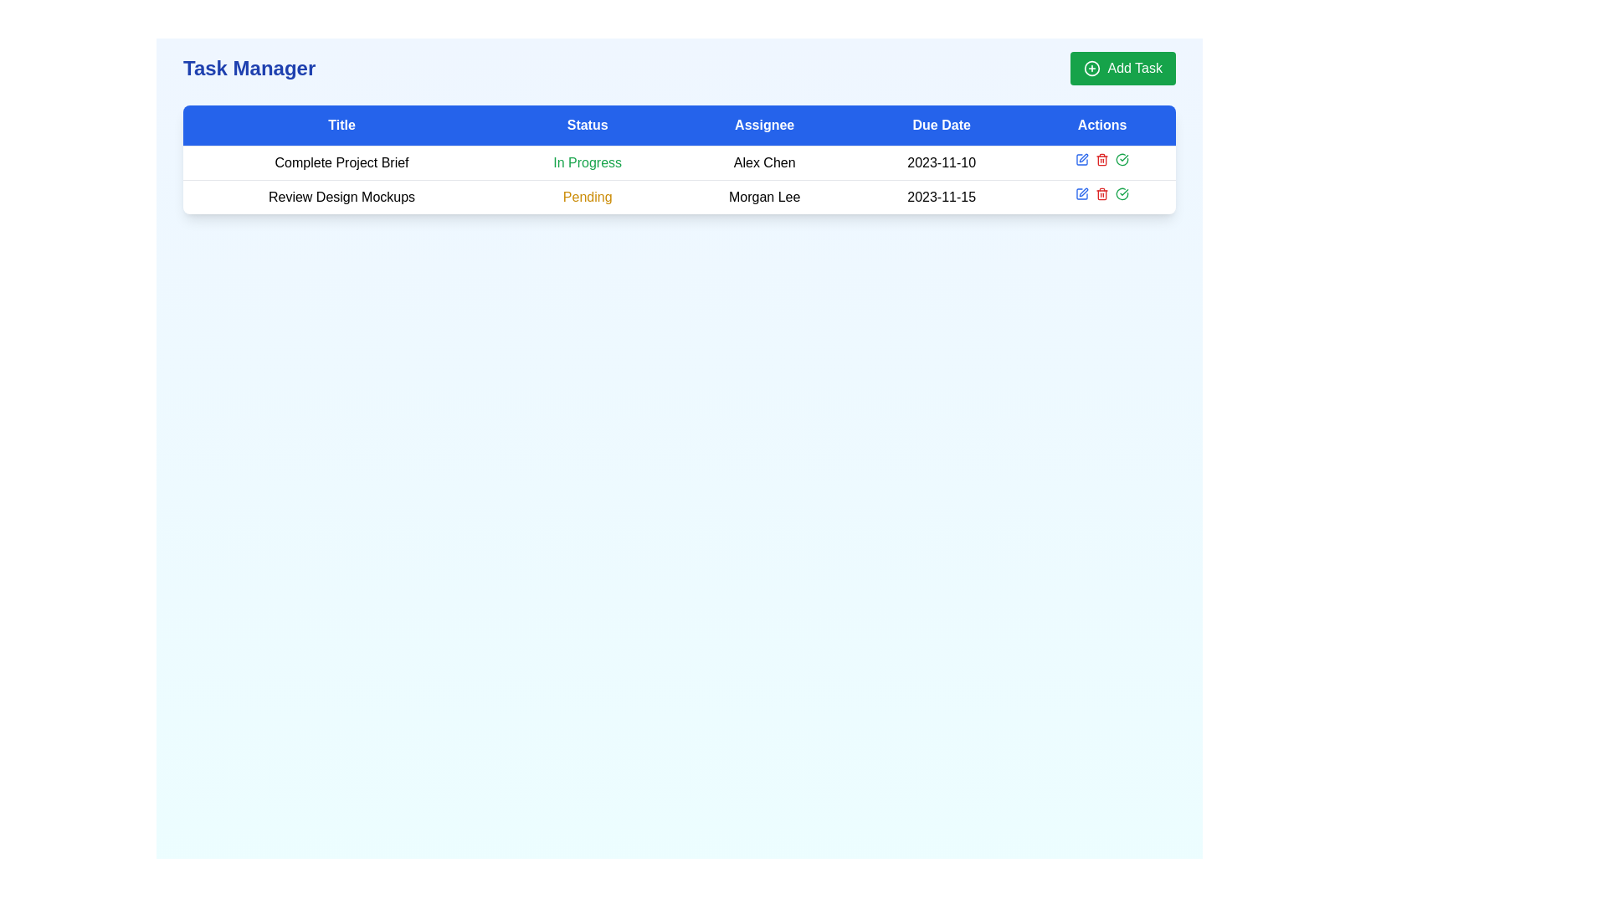 This screenshot has height=904, width=1607. What do you see at coordinates (679, 180) in the screenshot?
I see `to select the first row of the task table displaying 'Complete Project Brief', which has a status of 'In Progress', assigned to 'Alex Chen', with a due date of '2023-11-10'` at bounding box center [679, 180].